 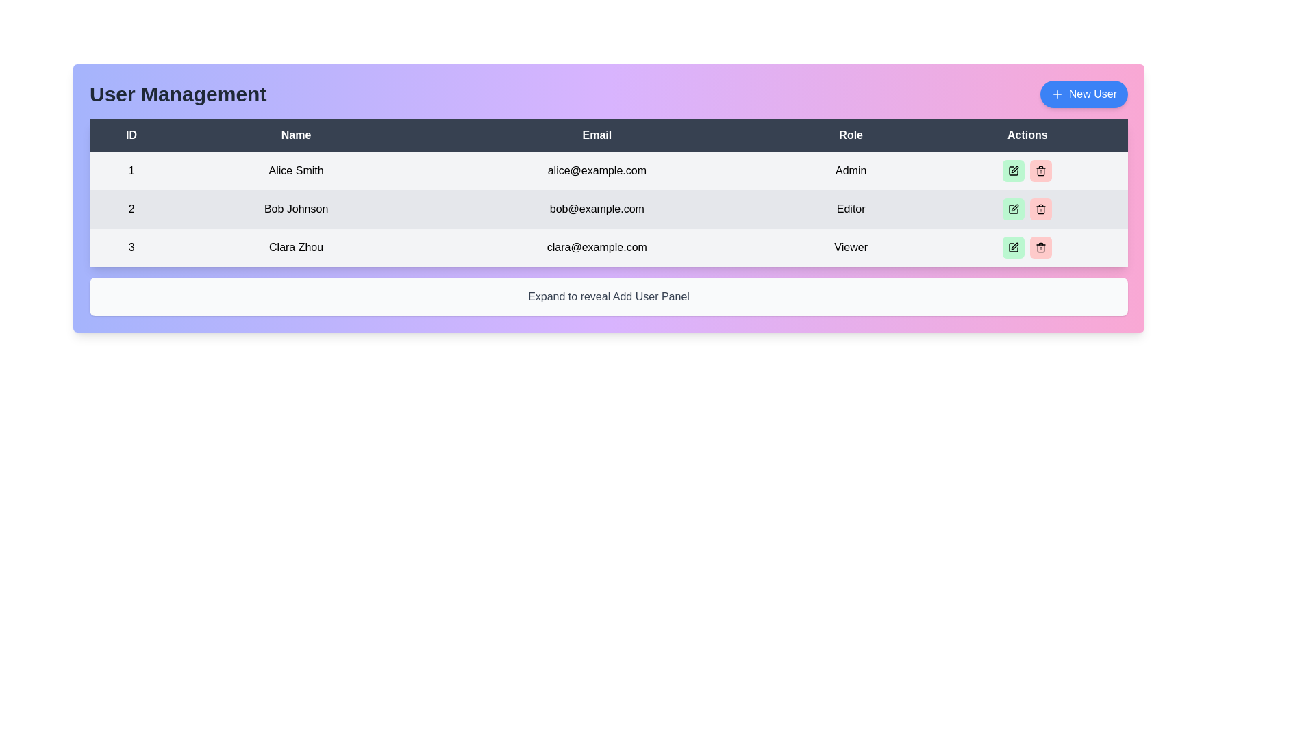 What do you see at coordinates (1041, 209) in the screenshot?
I see `the trash bin icon button in the Actions column for the user 'Bob Johnson' to initiate the delete action` at bounding box center [1041, 209].